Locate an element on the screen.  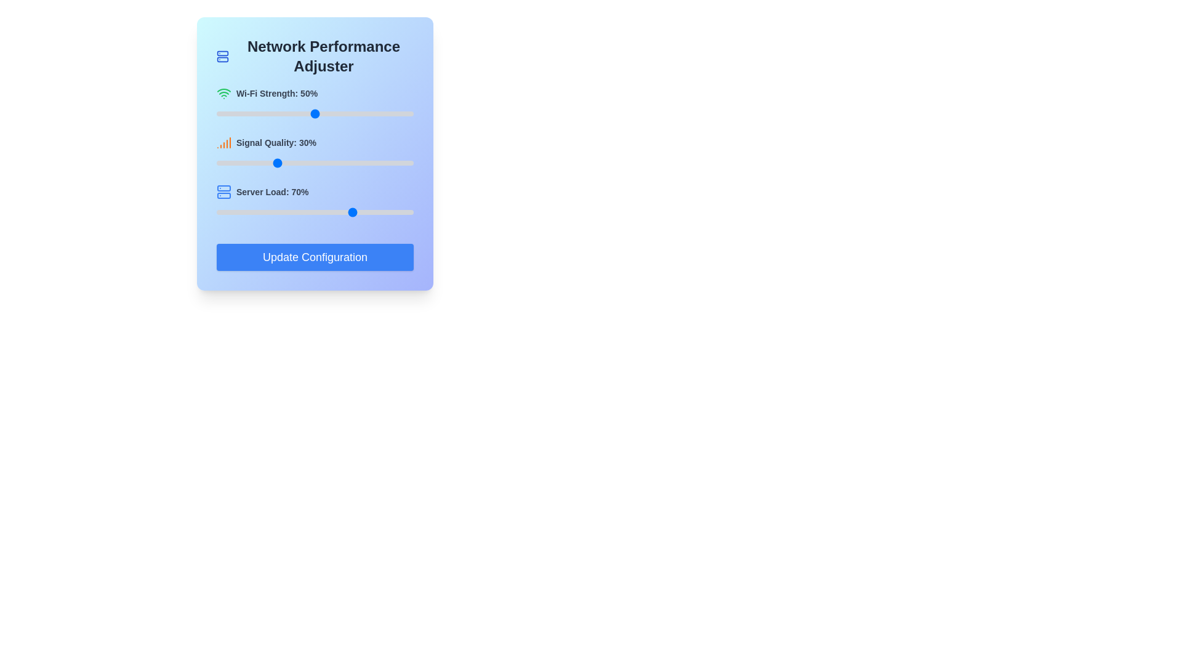
Wi-Fi strength is located at coordinates (267, 114).